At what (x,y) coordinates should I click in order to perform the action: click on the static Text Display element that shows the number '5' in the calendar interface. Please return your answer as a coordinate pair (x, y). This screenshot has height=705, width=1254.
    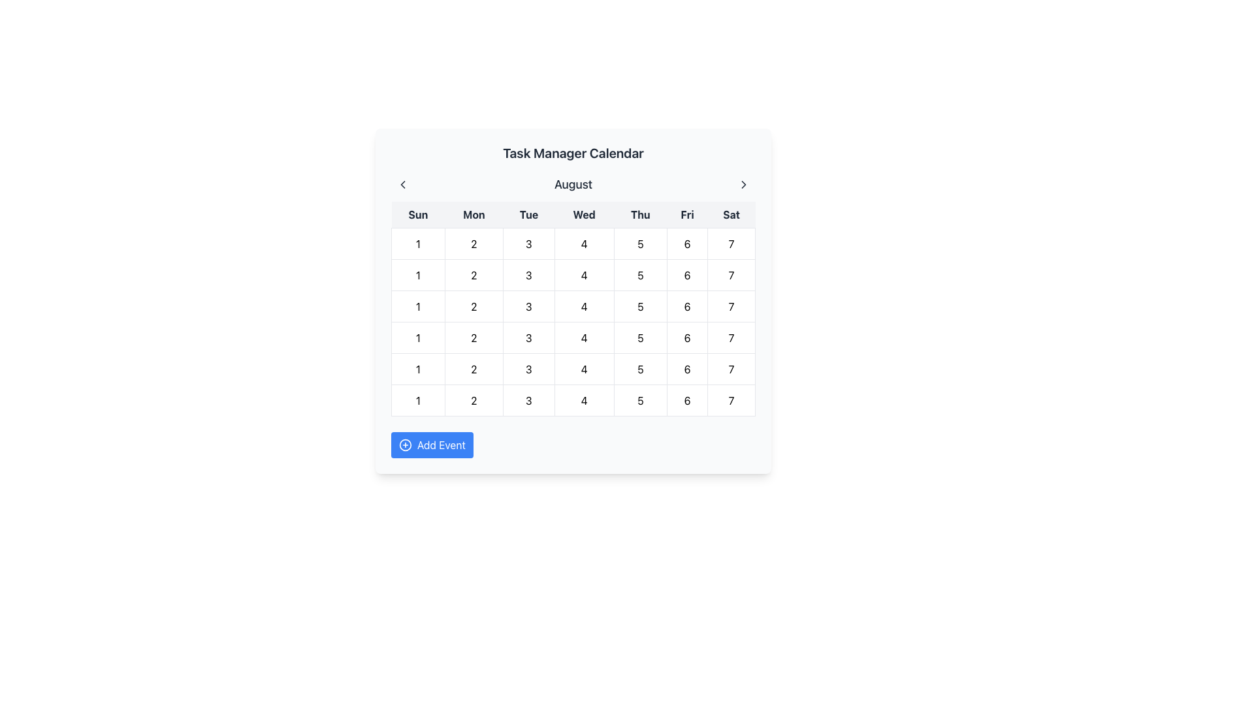
    Looking at the image, I should click on (640, 243).